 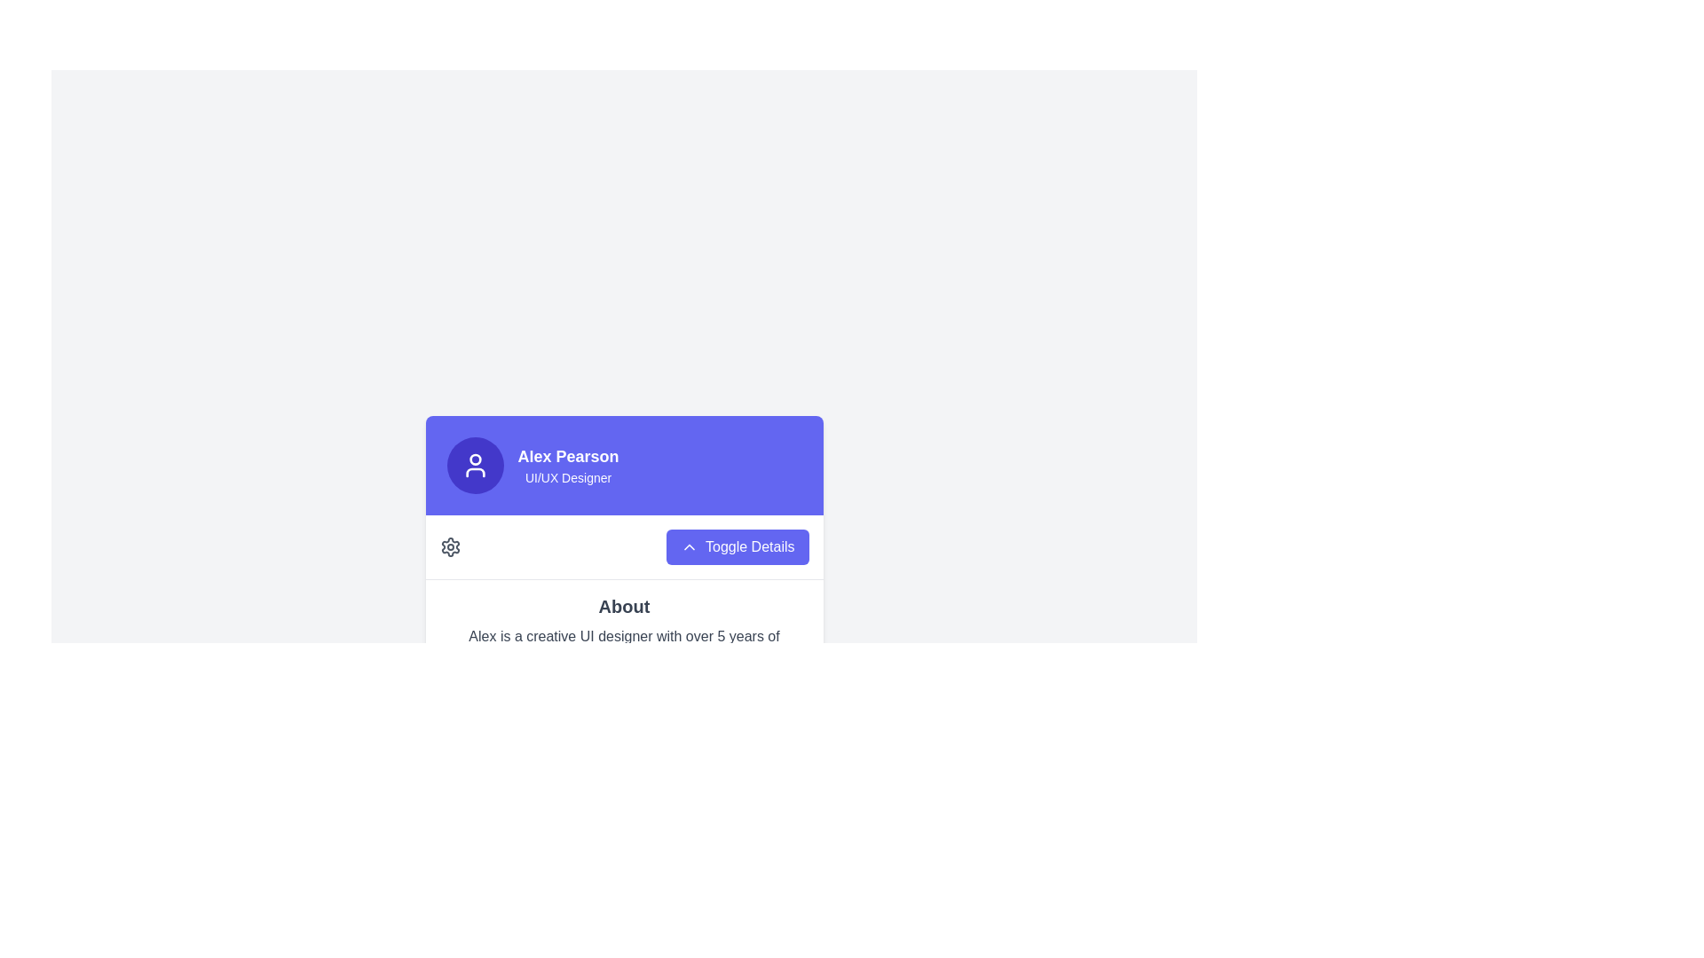 I want to click on the user profile icon, which is a stylized vector graphic with a hollow outline on a solid purple background, so click(x=475, y=464).